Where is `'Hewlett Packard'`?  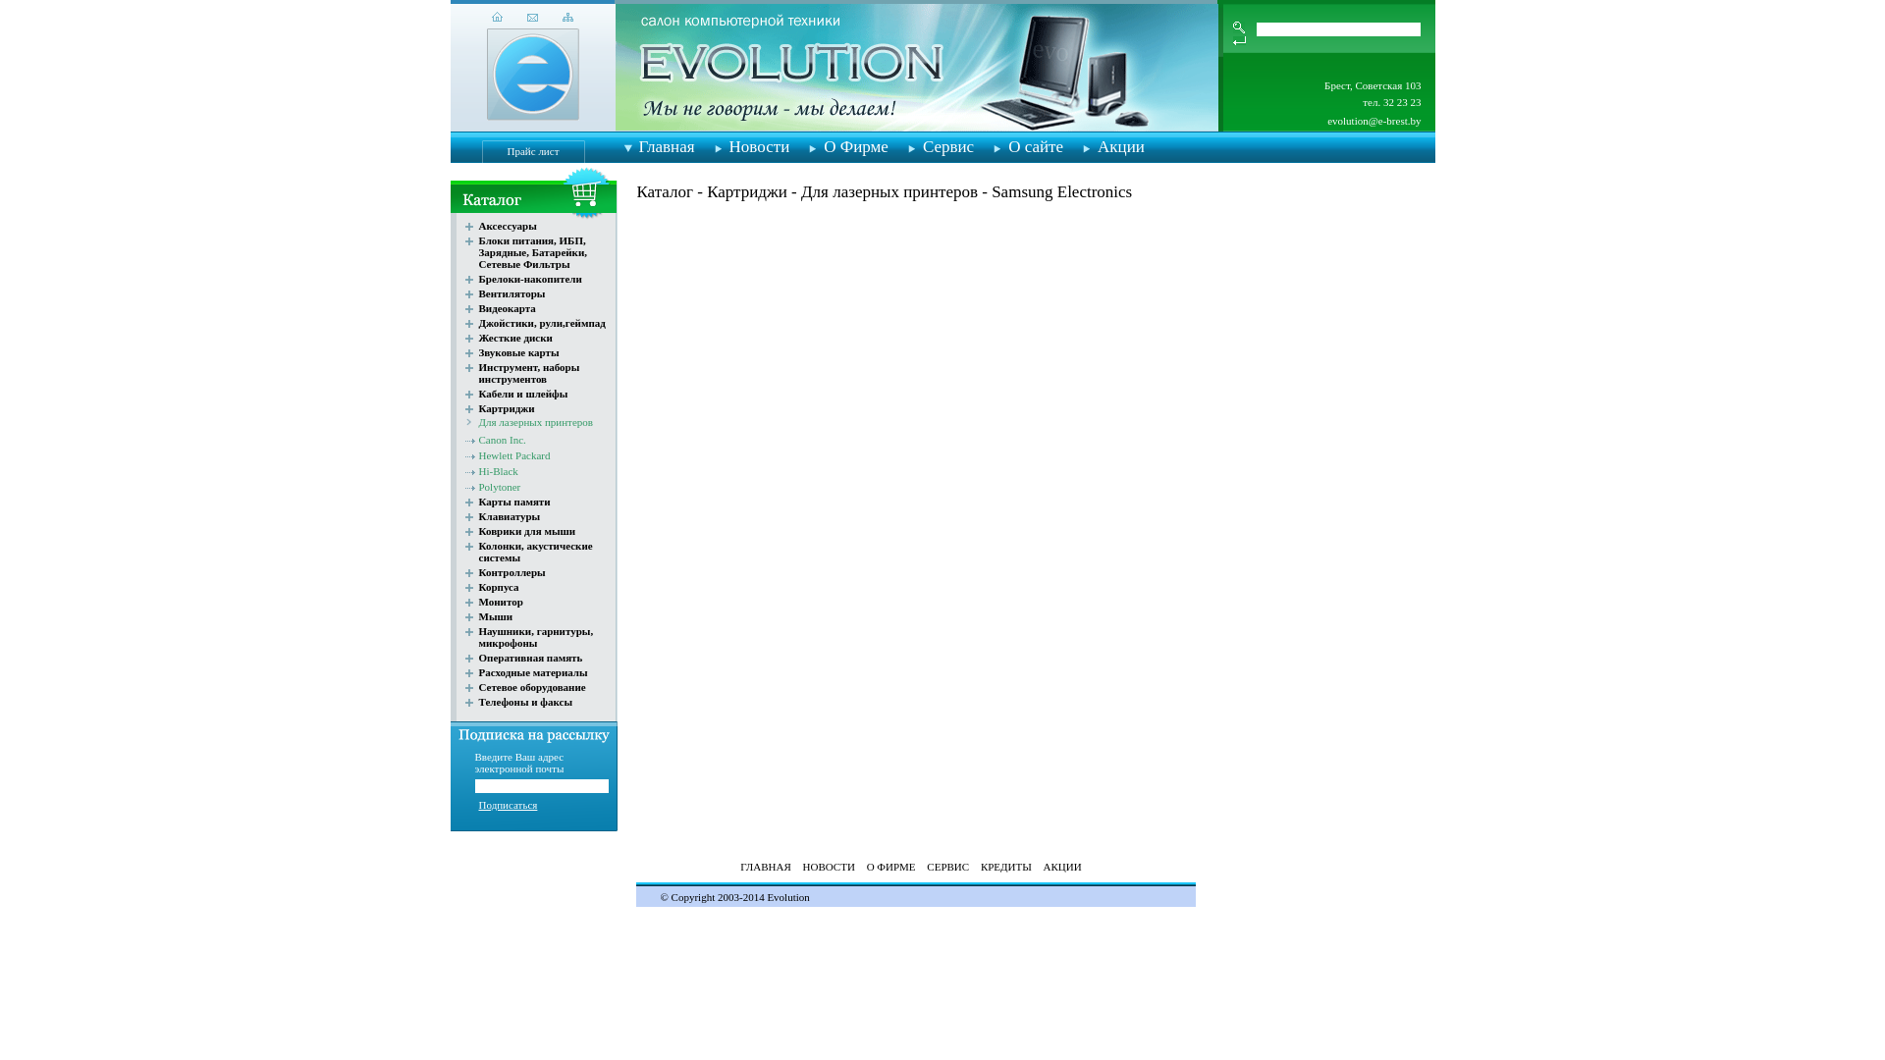
'Hewlett Packard' is located at coordinates (514, 454).